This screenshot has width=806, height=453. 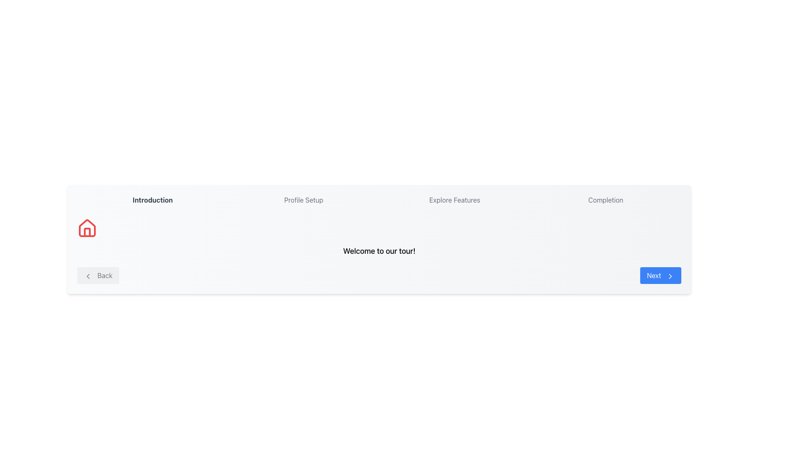 I want to click on the Horizontal Step Progress Bar which contains segments labeled 'Introduction', 'Profile Setup', 'Explore Features', and 'Completion', with 'Introduction' being the active segment, so click(x=379, y=200).